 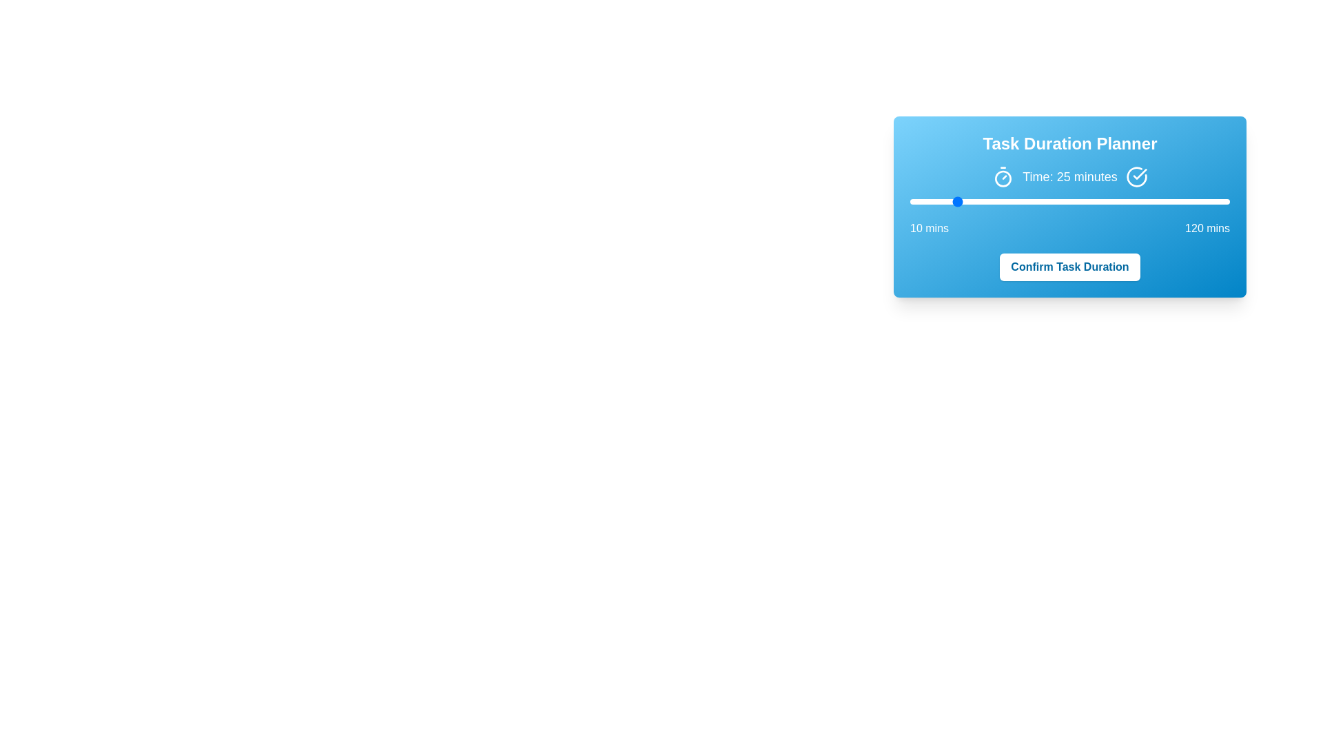 I want to click on the 'Confirm Task Duration' button to finalize the selection, so click(x=1069, y=267).